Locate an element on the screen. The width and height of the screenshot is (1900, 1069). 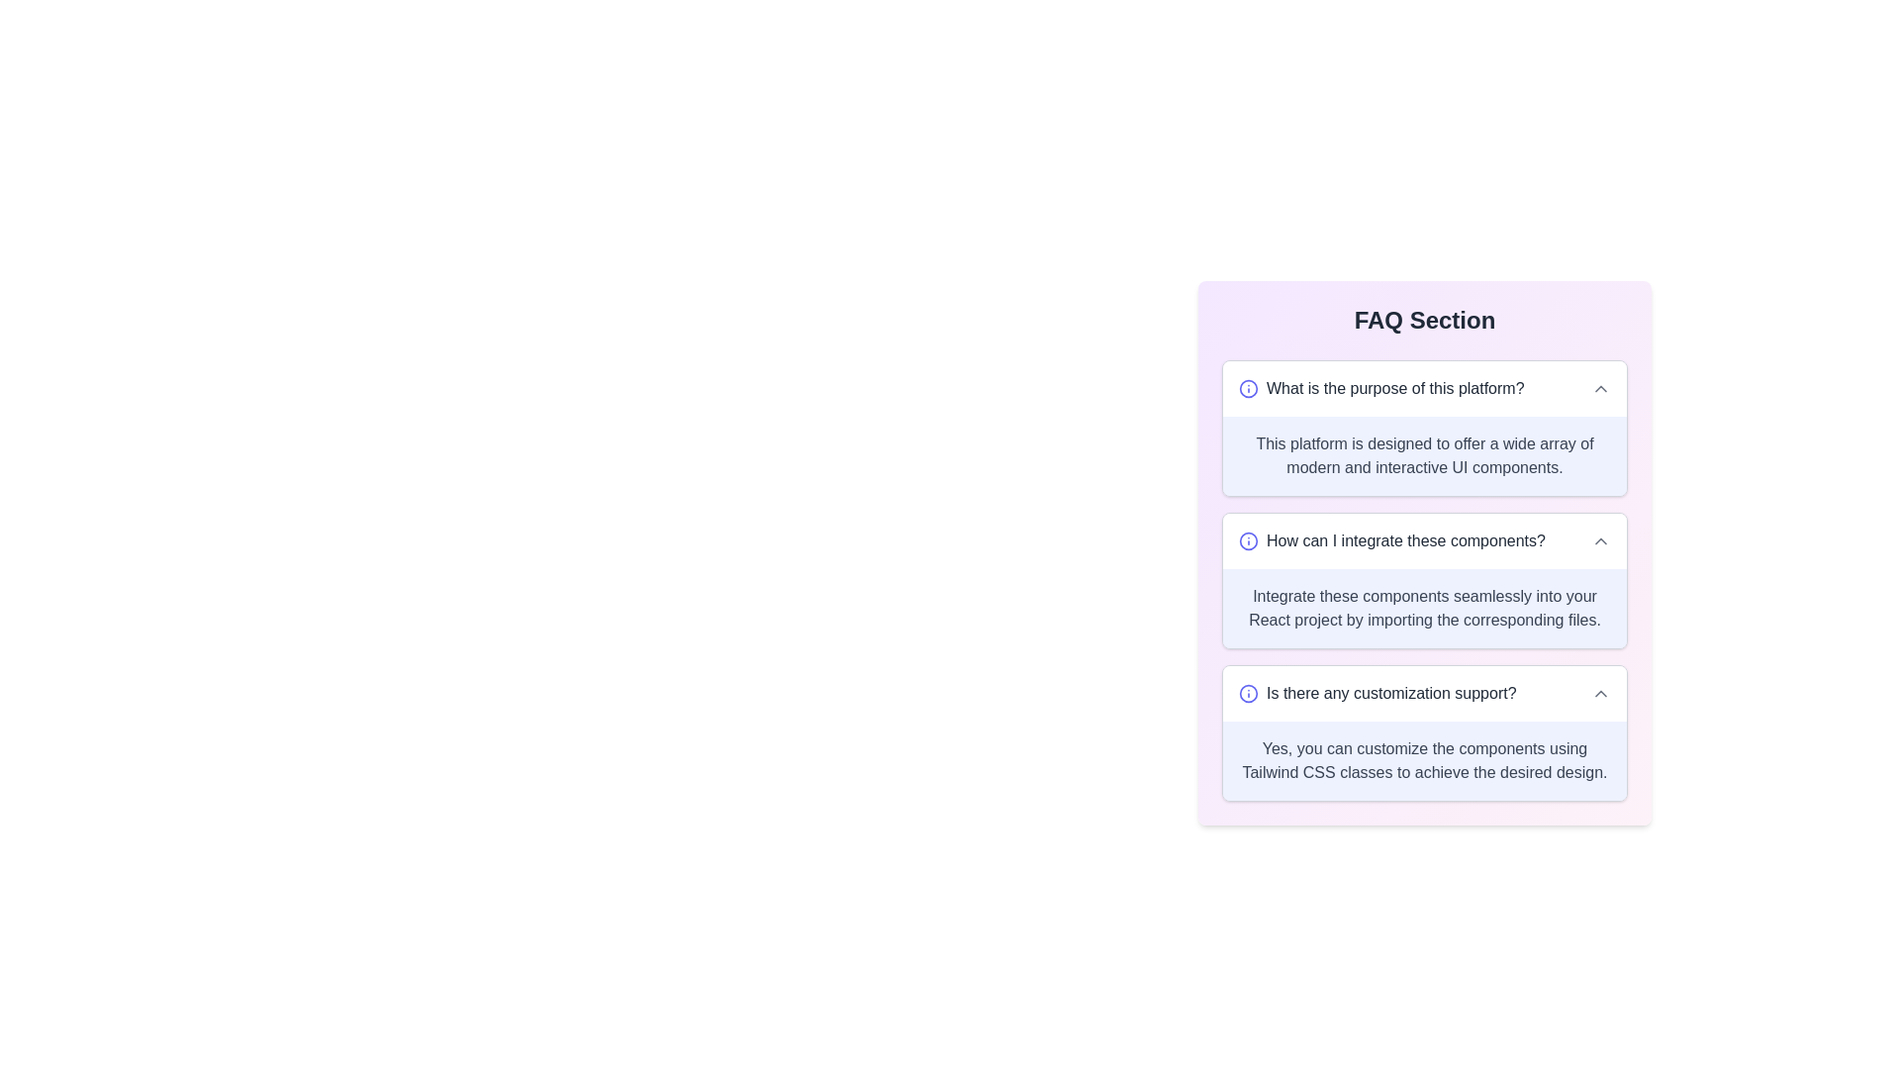
the button-like collapsible section header labeled 'Is there any customization support?' is located at coordinates (1425, 693).